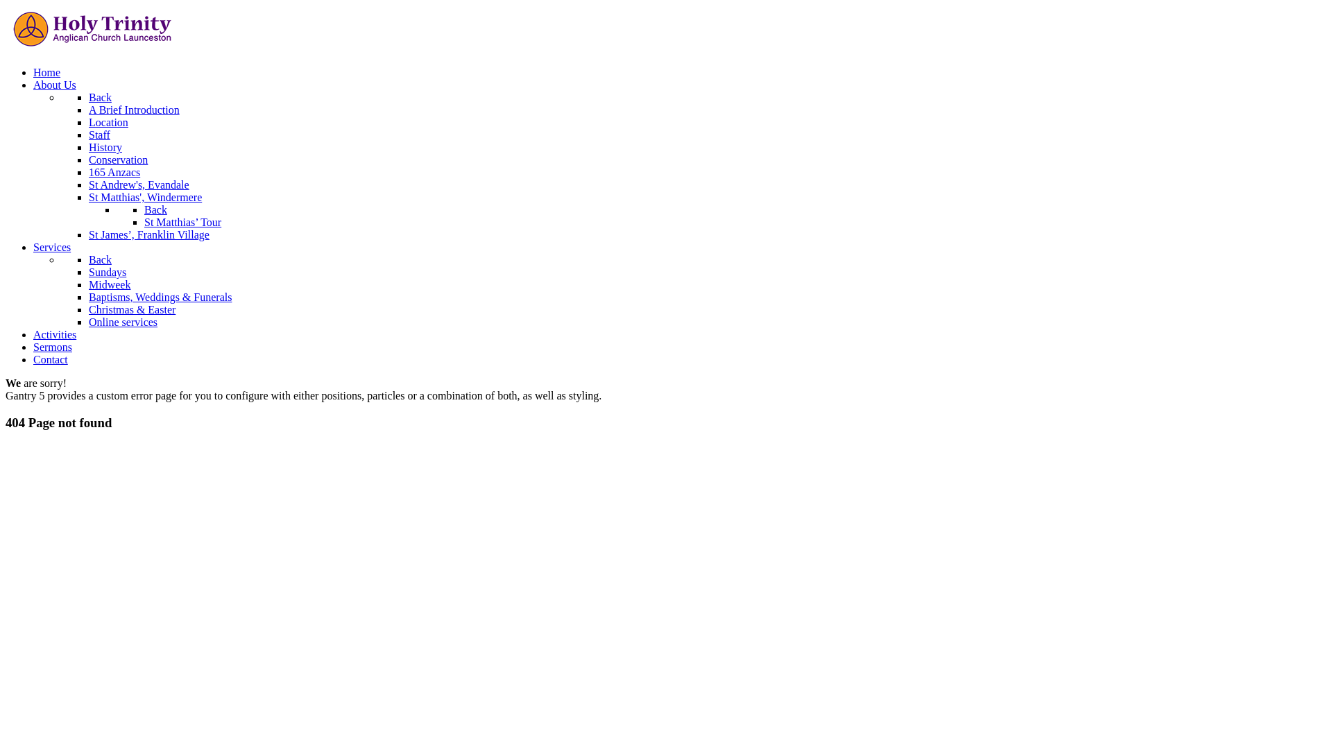  I want to click on 'Conservation', so click(118, 159).